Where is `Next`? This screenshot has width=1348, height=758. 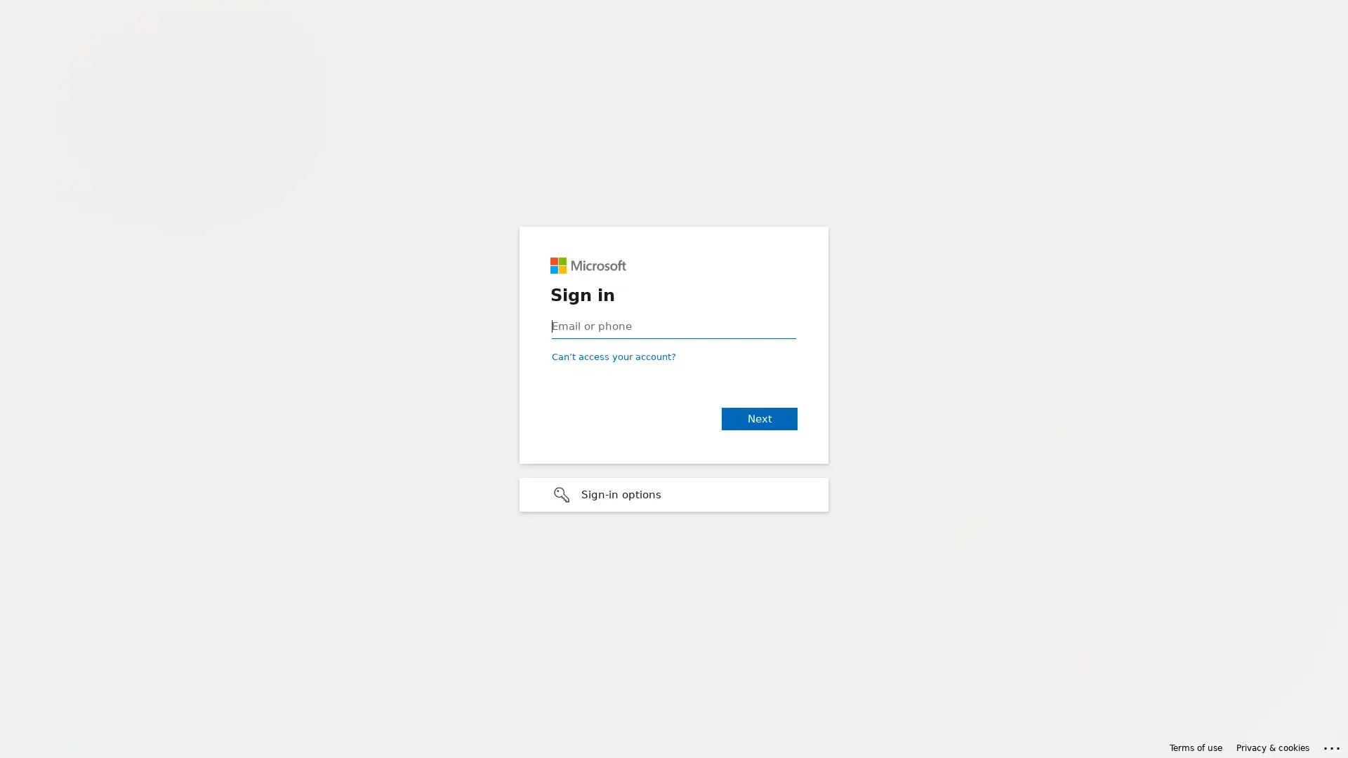 Next is located at coordinates (758, 418).